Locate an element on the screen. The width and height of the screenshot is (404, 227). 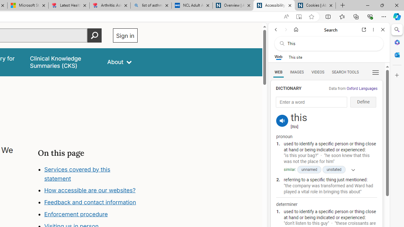
'How accessible are our websites?' is located at coordinates (91, 190).